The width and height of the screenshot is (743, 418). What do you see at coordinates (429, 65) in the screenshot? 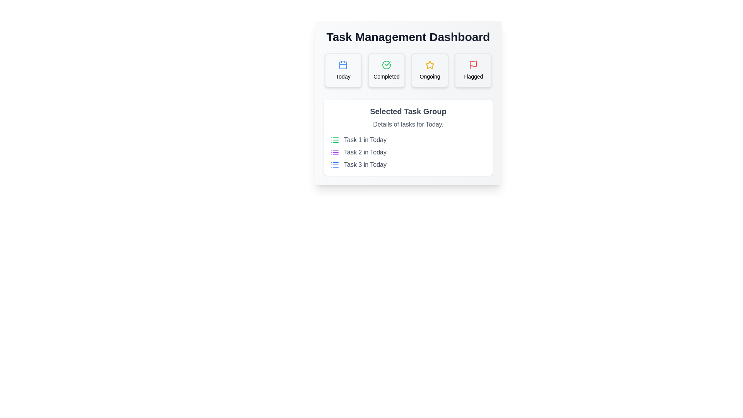
I see `the 'Ongoing' task group icon, which is the central visual feature of the 'Ongoing' button in the list of task group selectors` at bounding box center [429, 65].